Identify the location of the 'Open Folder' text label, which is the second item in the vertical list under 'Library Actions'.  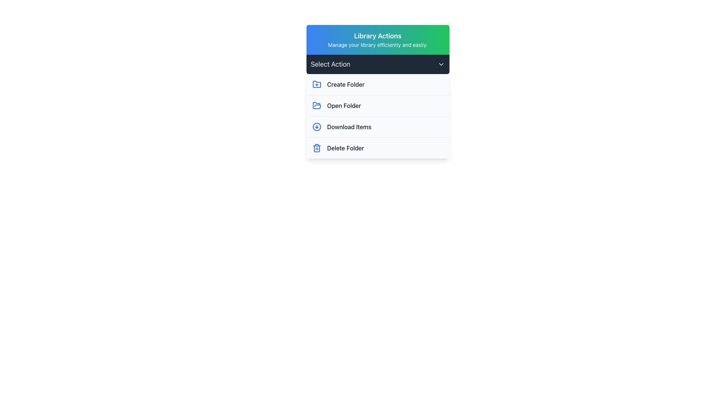
(344, 106).